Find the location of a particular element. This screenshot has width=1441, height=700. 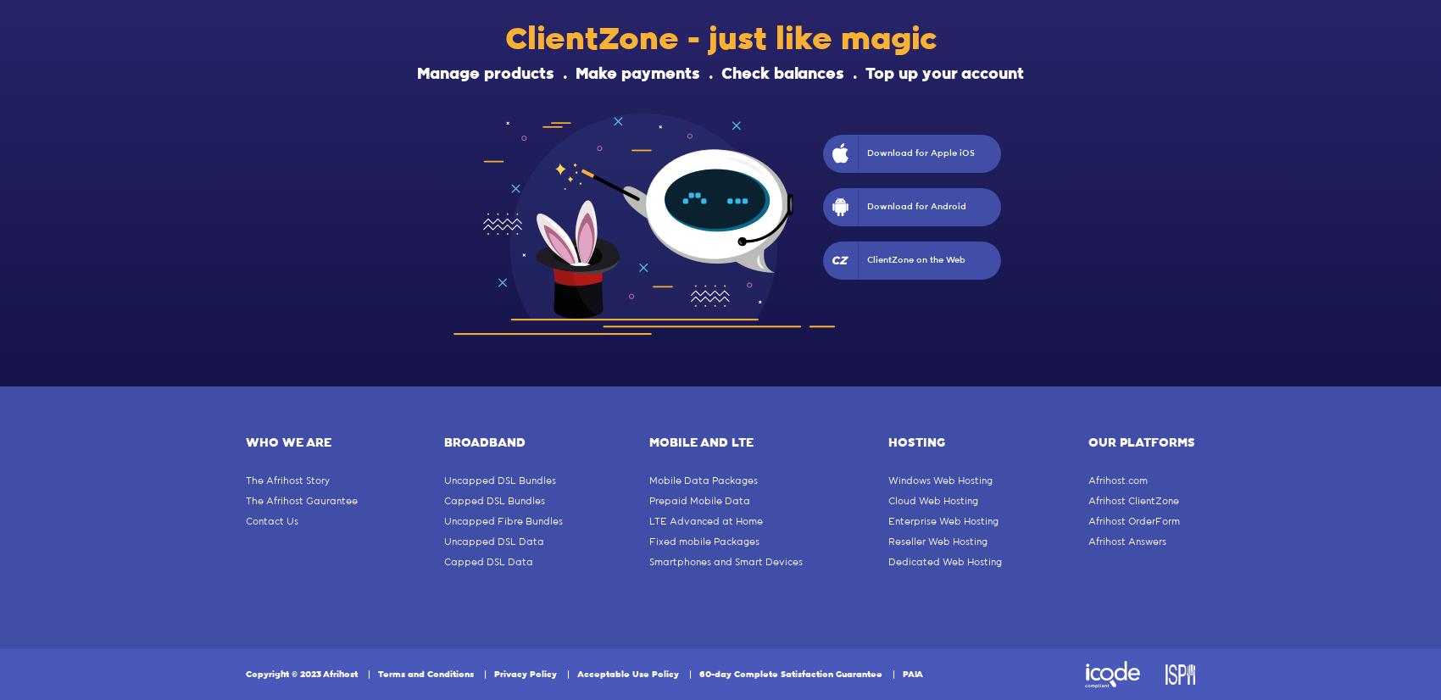

'Manage products  .  Make payments  .  Check balances  .  Top up your account' is located at coordinates (720, 74).